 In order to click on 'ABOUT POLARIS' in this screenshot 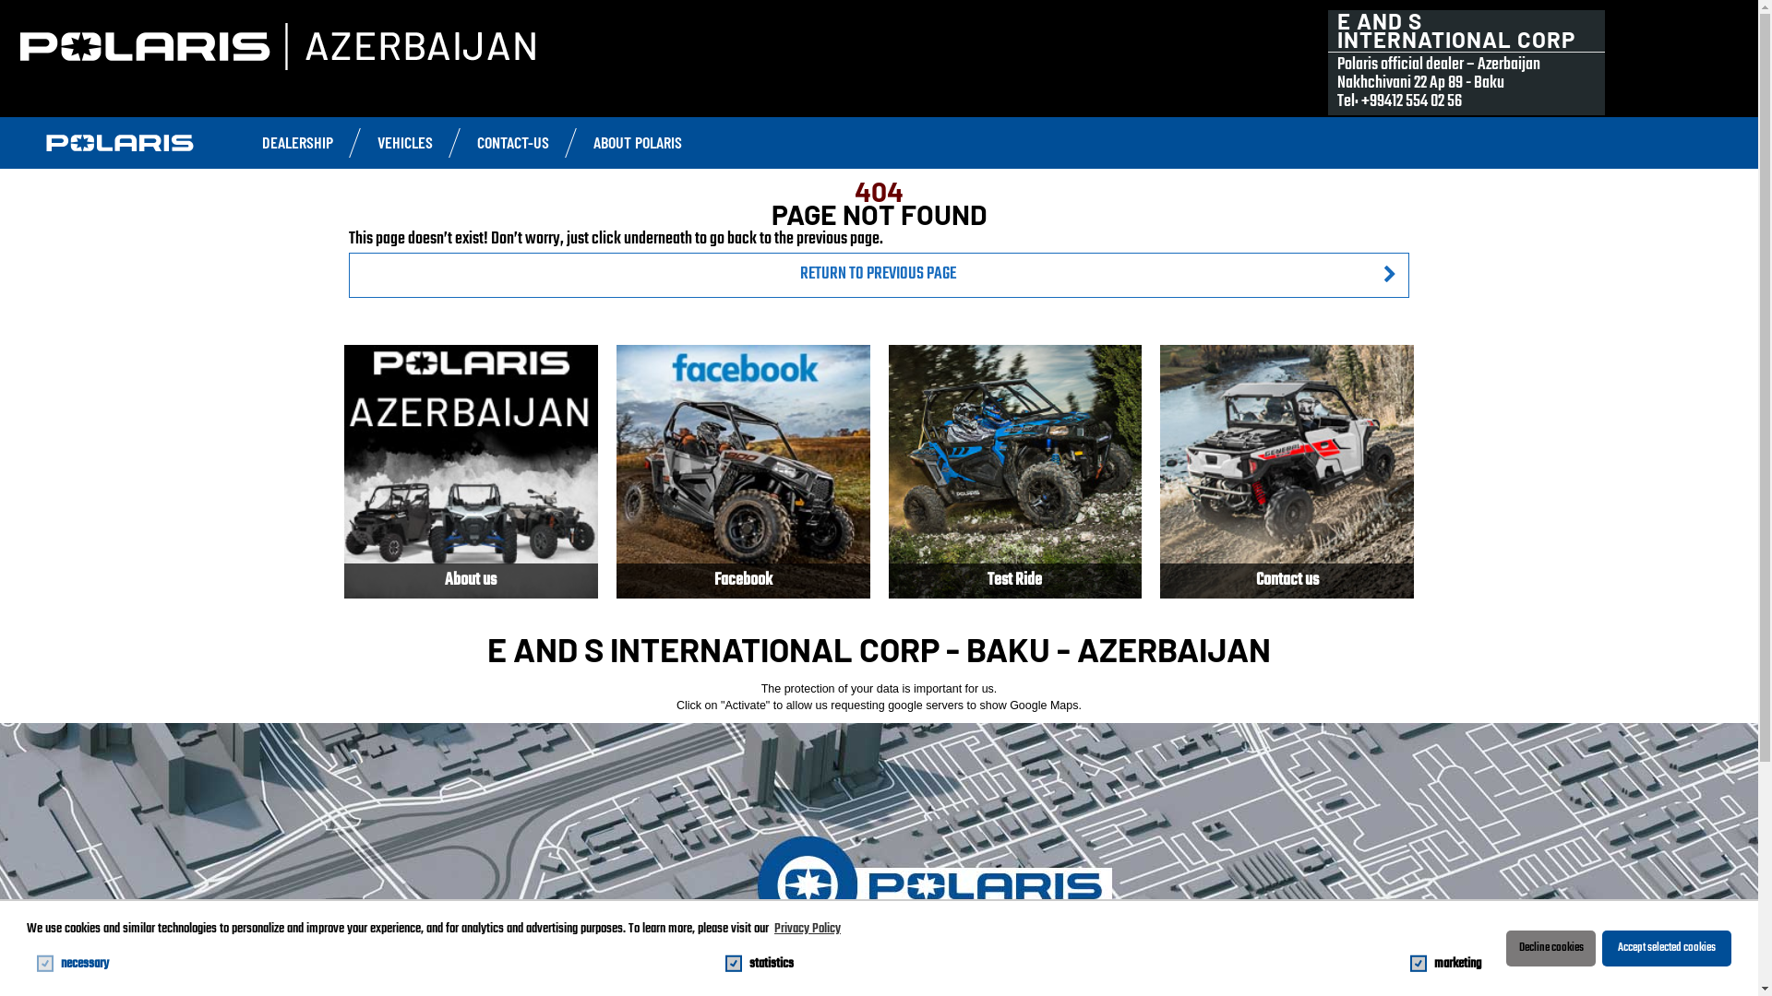, I will do `click(638, 141)`.